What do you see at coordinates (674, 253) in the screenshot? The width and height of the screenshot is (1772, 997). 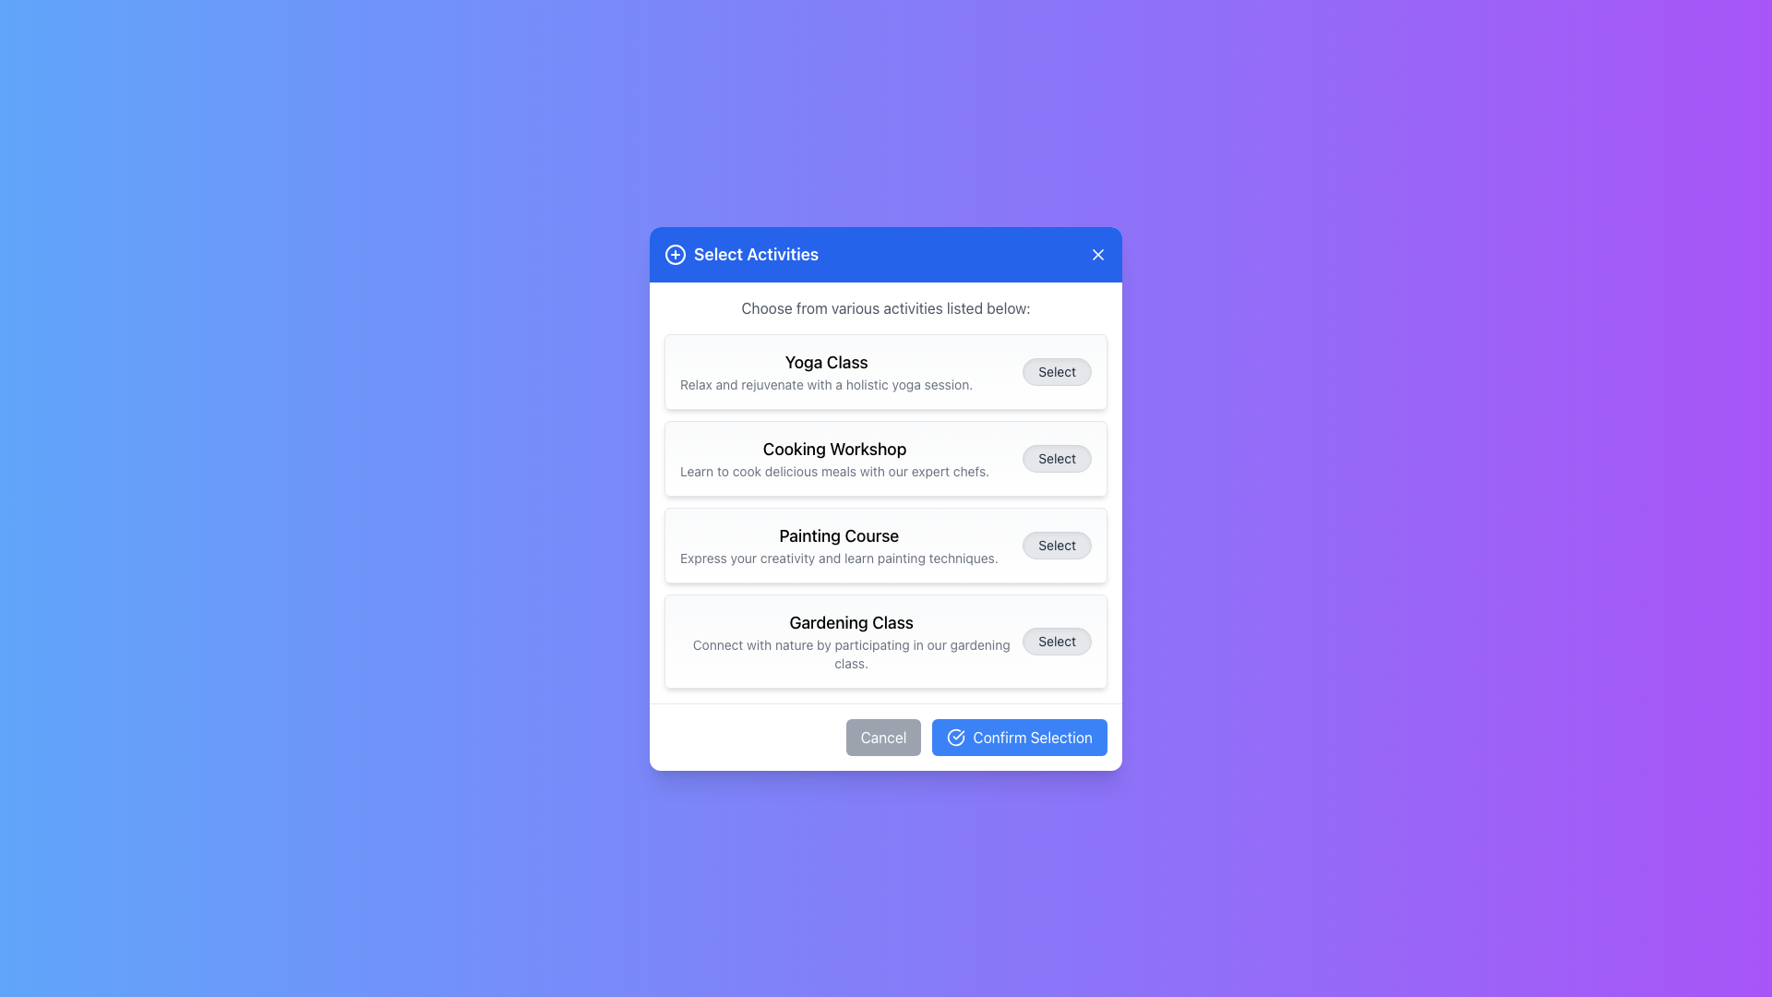 I see `the interactive icon associated with adding activities in the 'Select Activities' section` at bounding box center [674, 253].